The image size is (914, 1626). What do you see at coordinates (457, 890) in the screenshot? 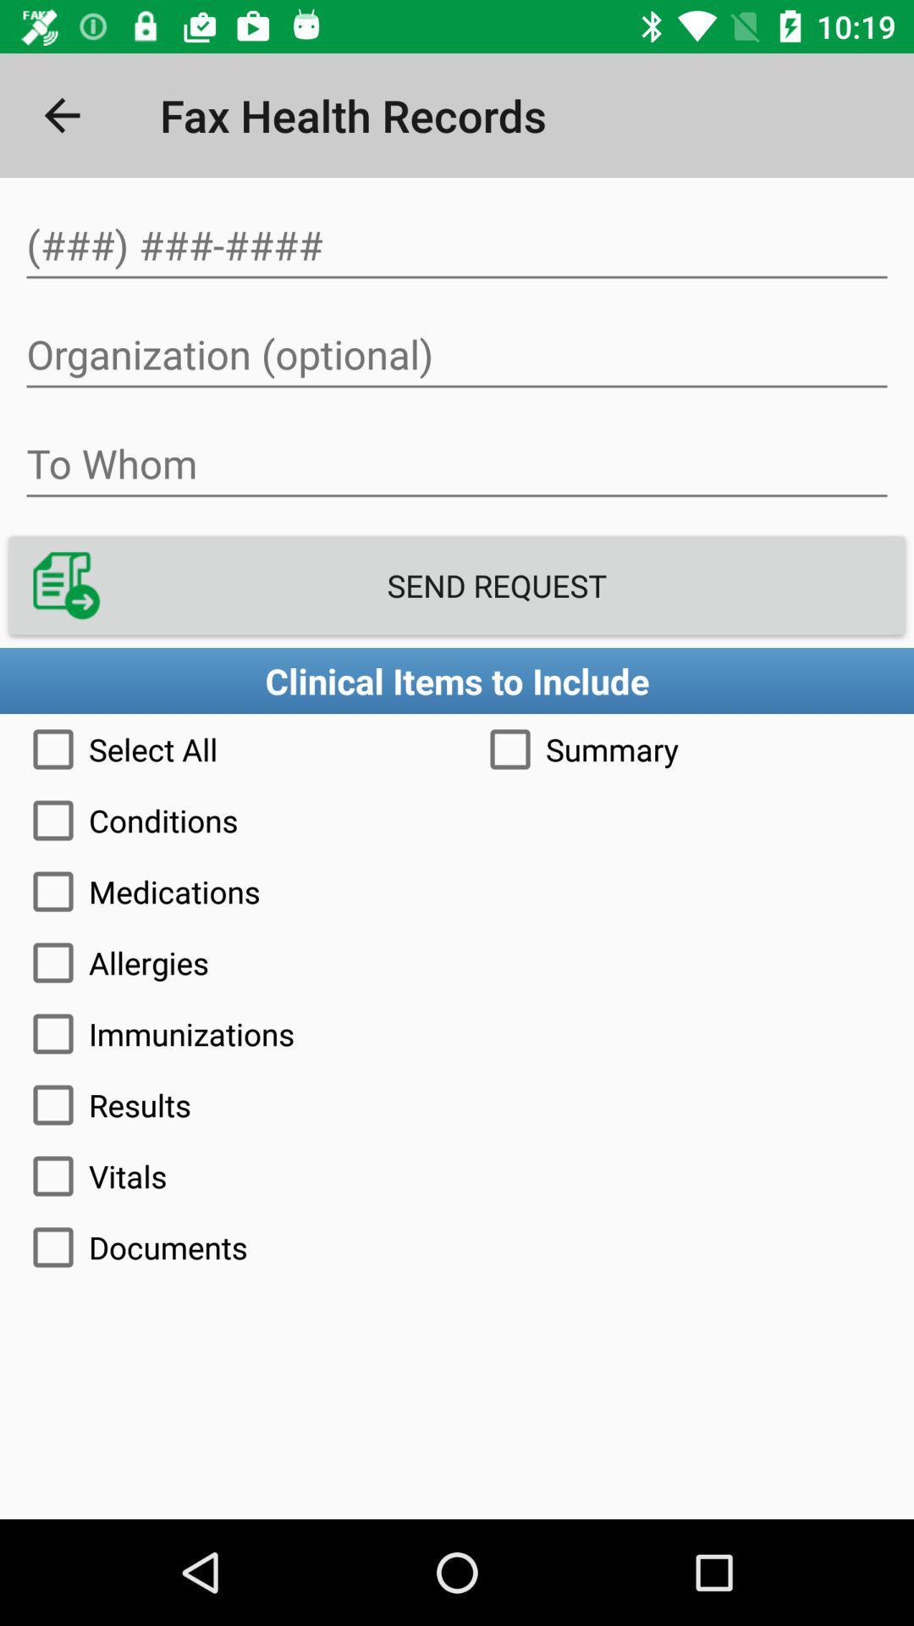
I see `the icon above allergies` at bounding box center [457, 890].